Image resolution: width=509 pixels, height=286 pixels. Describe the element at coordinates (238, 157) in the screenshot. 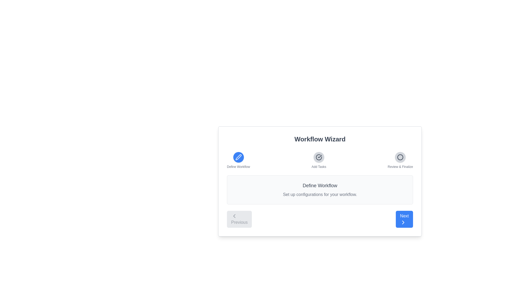

I see `the 'Define Workflow' icon located at the left end of the top row in the workflow wizard interface` at that location.